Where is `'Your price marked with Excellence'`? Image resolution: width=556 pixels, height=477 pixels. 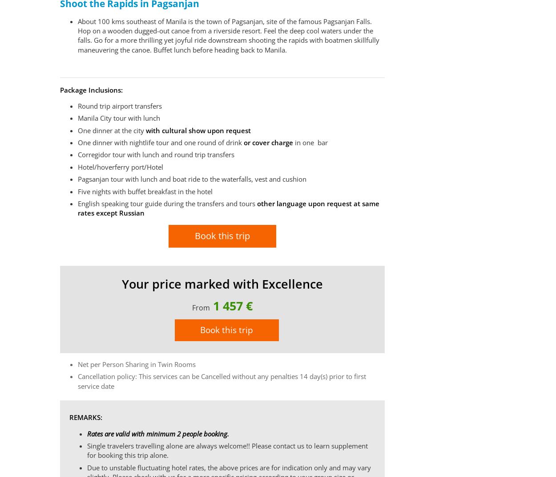
'Your price marked with Excellence' is located at coordinates (222, 283).